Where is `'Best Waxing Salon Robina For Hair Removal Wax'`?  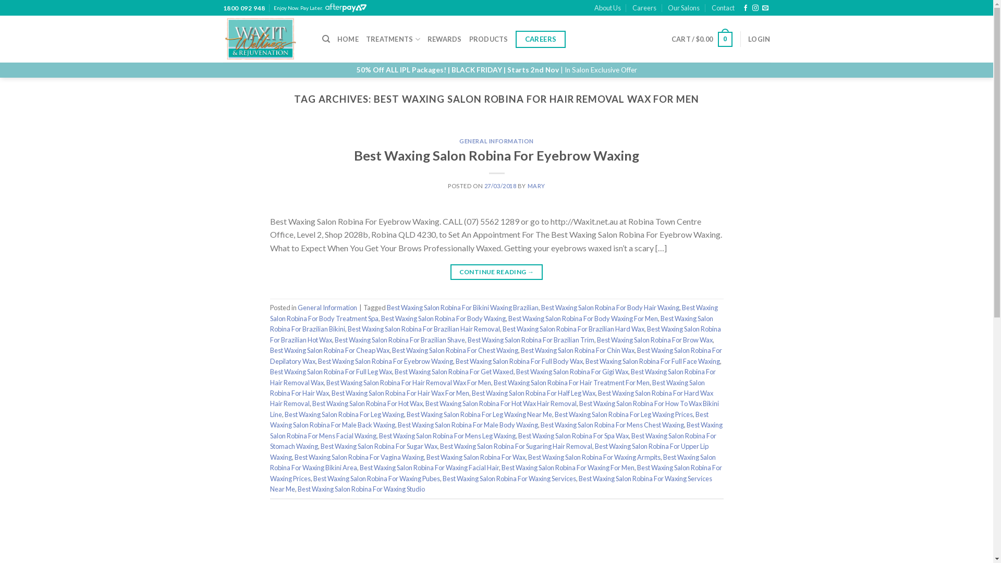
'Best Waxing Salon Robina For Hair Removal Wax' is located at coordinates (492, 376).